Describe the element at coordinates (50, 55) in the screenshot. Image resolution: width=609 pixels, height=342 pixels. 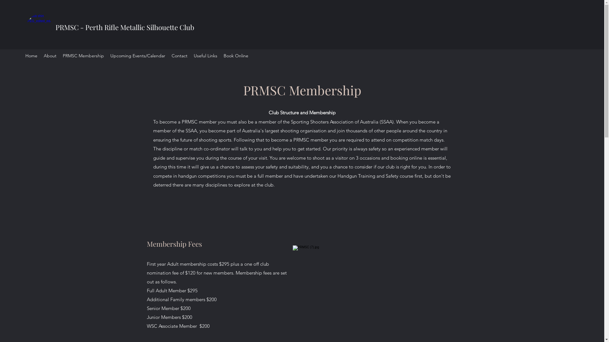
I see `'About'` at that location.